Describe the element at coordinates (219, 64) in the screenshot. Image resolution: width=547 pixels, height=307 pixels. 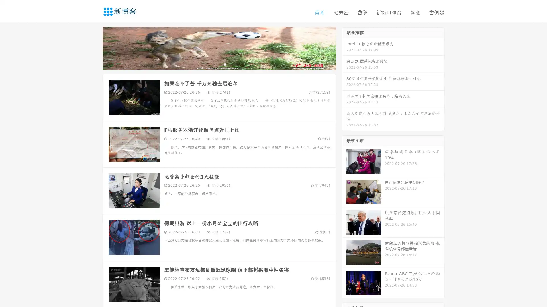
I see `Go to slide 2` at that location.